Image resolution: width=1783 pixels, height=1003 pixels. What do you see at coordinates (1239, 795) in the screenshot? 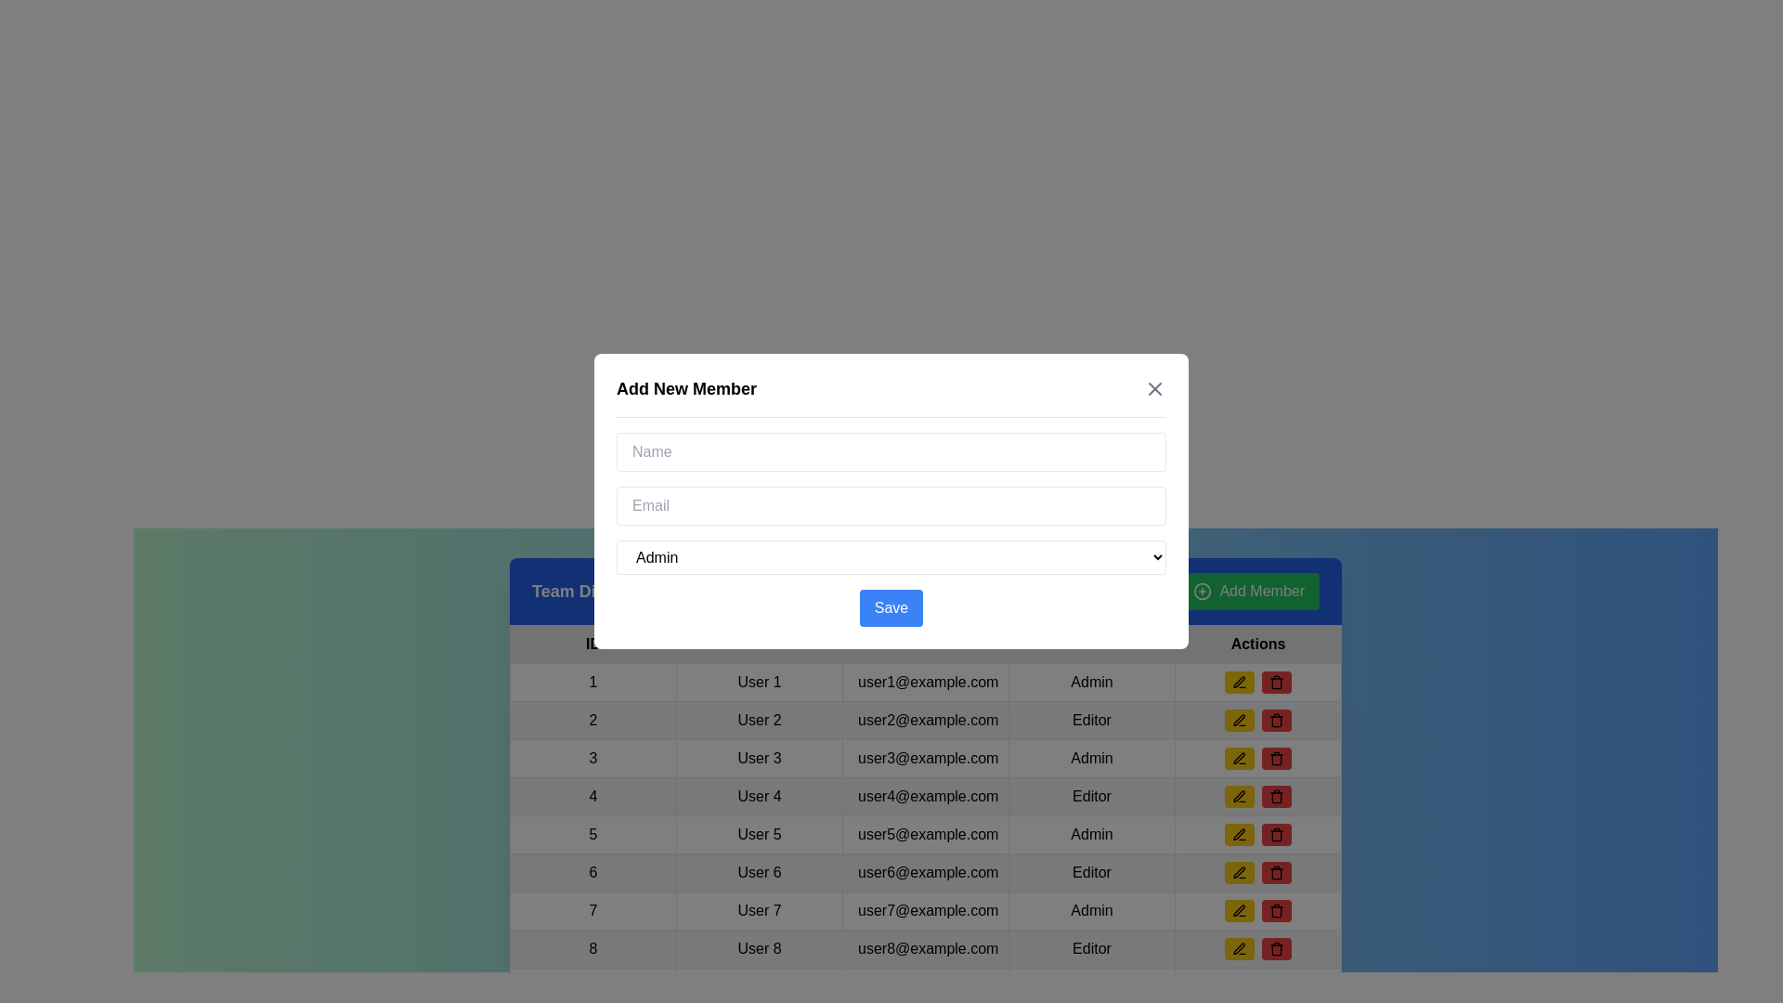
I see `the pen icon in the action column of the interactive table, specifically associated with the fourth user entry` at bounding box center [1239, 795].